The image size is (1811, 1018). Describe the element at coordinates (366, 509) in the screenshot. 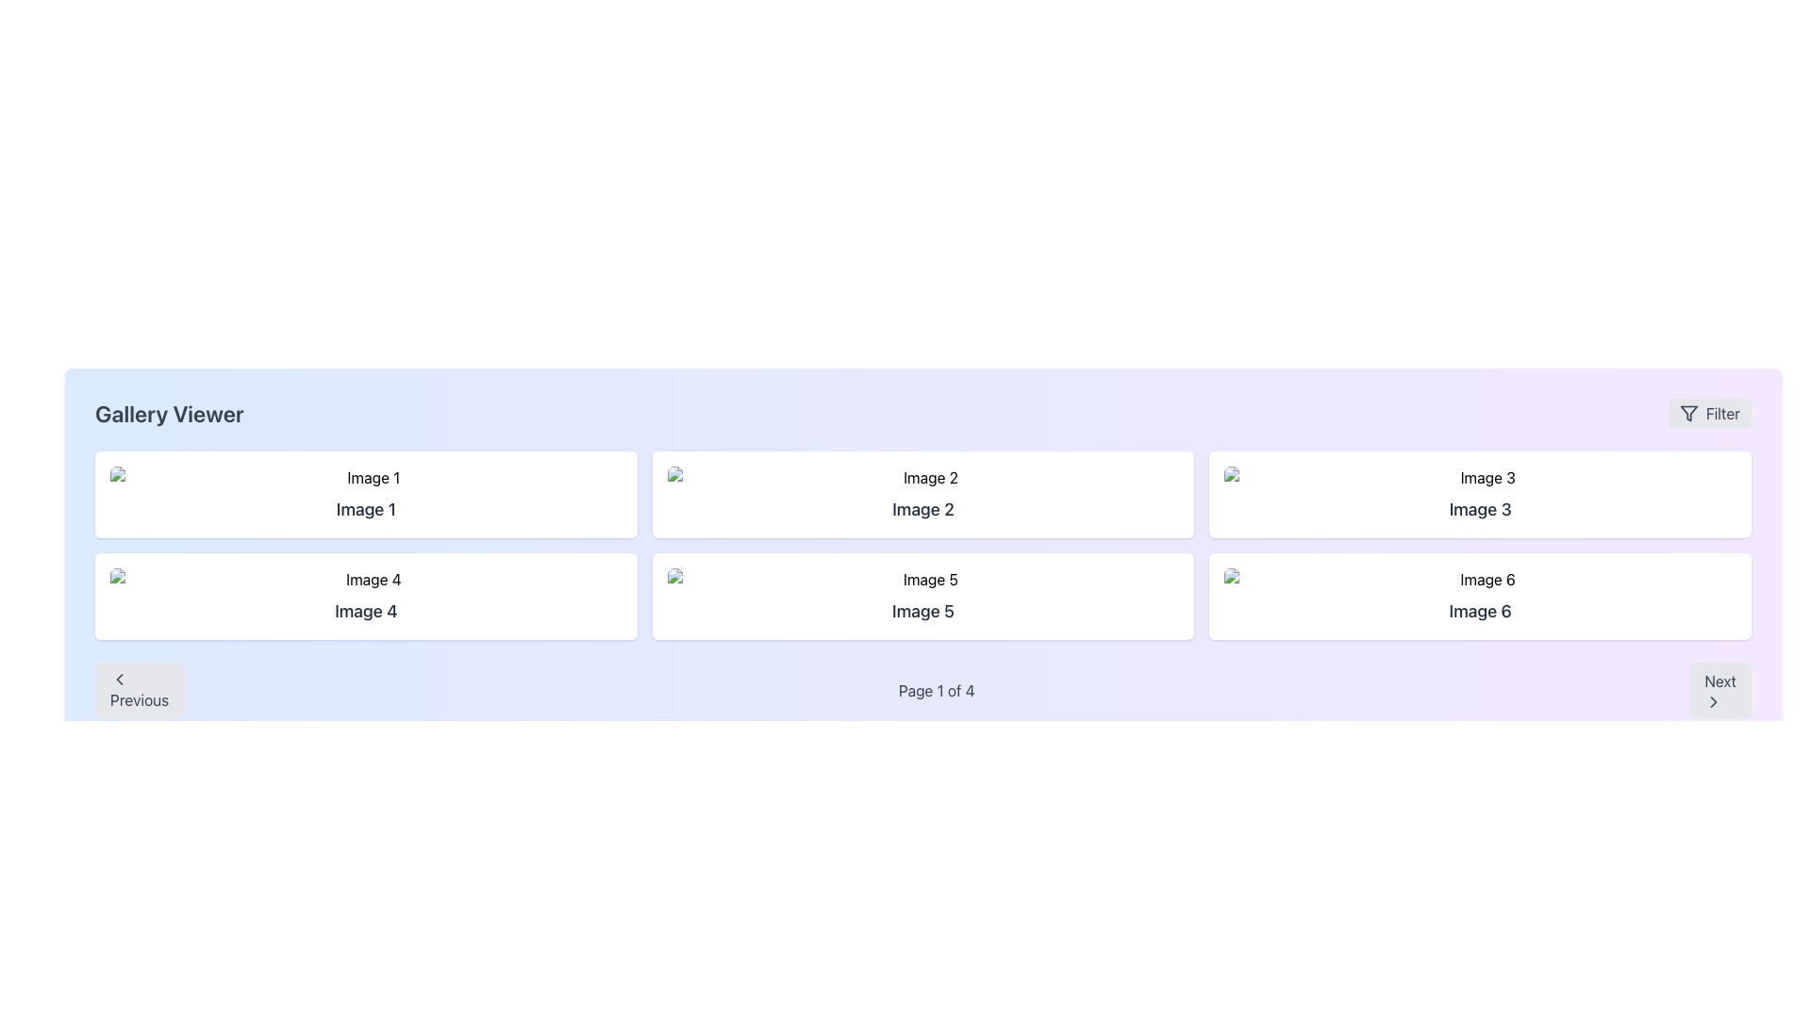

I see `the text label displaying 'Image 1', which is styled with a medium font size, bold weight, and dark gray color, located in the top-left cell of a grid layout` at that location.